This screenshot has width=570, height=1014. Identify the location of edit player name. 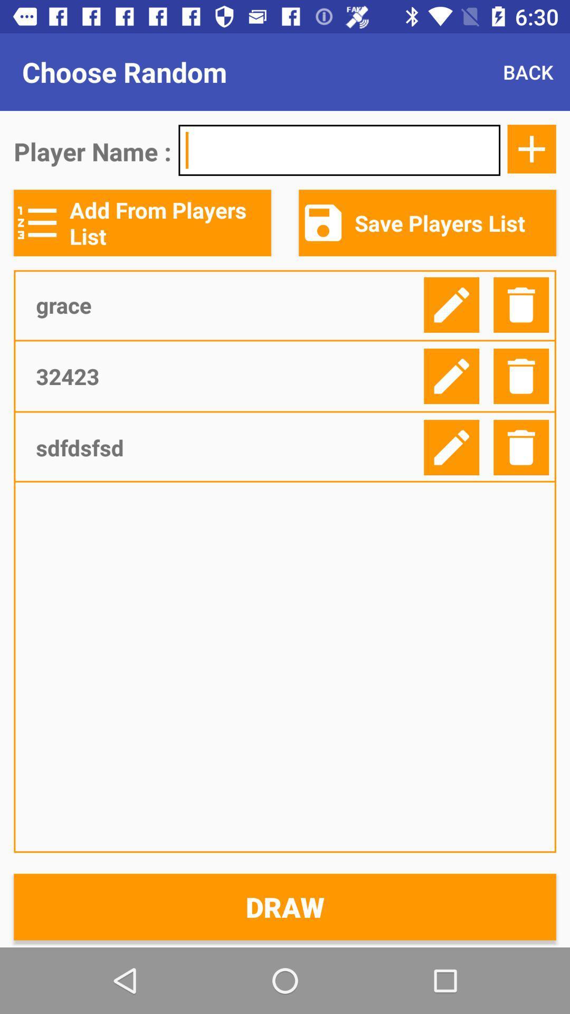
(451, 304).